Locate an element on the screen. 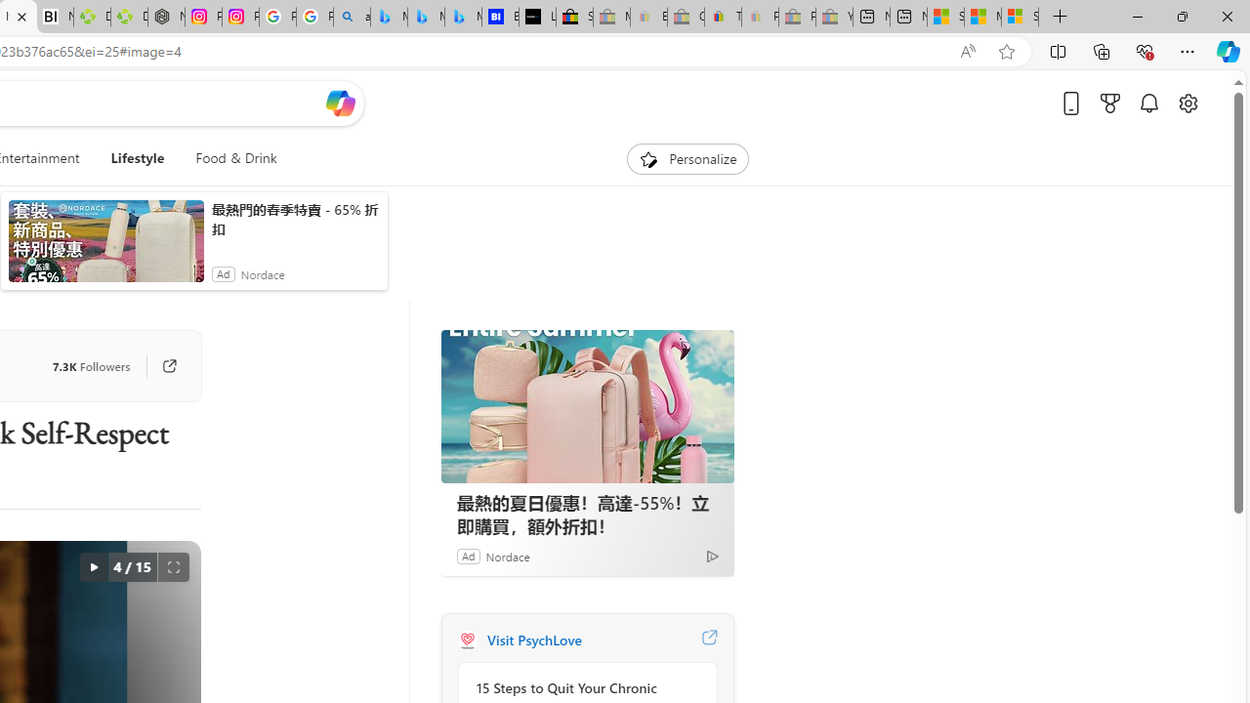 This screenshot has width=1250, height=703. 'Visit PsychLove website' is located at coordinates (708, 640).